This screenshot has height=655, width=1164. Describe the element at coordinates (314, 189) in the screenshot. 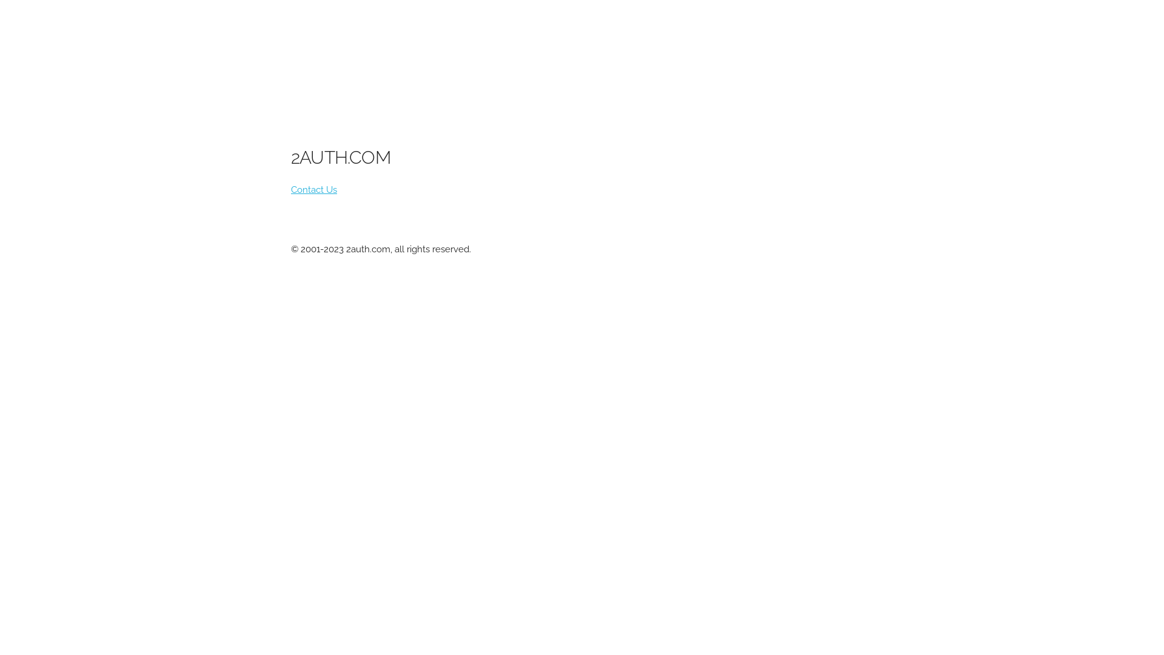

I see `'Contact Us'` at that location.